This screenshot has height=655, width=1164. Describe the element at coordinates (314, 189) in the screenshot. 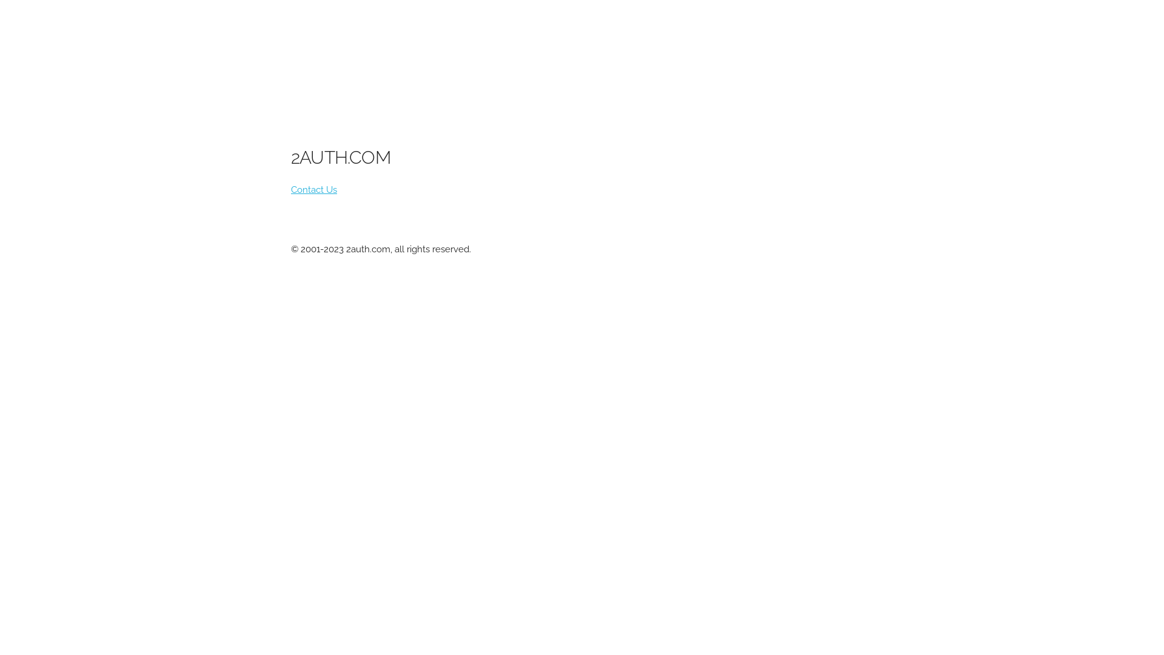

I see `'Contact Us'` at that location.